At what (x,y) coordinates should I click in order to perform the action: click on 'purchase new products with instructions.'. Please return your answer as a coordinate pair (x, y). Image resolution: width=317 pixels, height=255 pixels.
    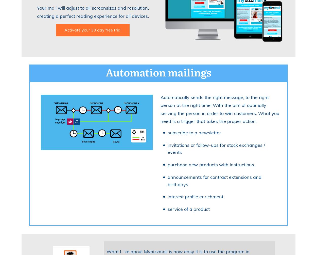
    Looking at the image, I should click on (167, 164).